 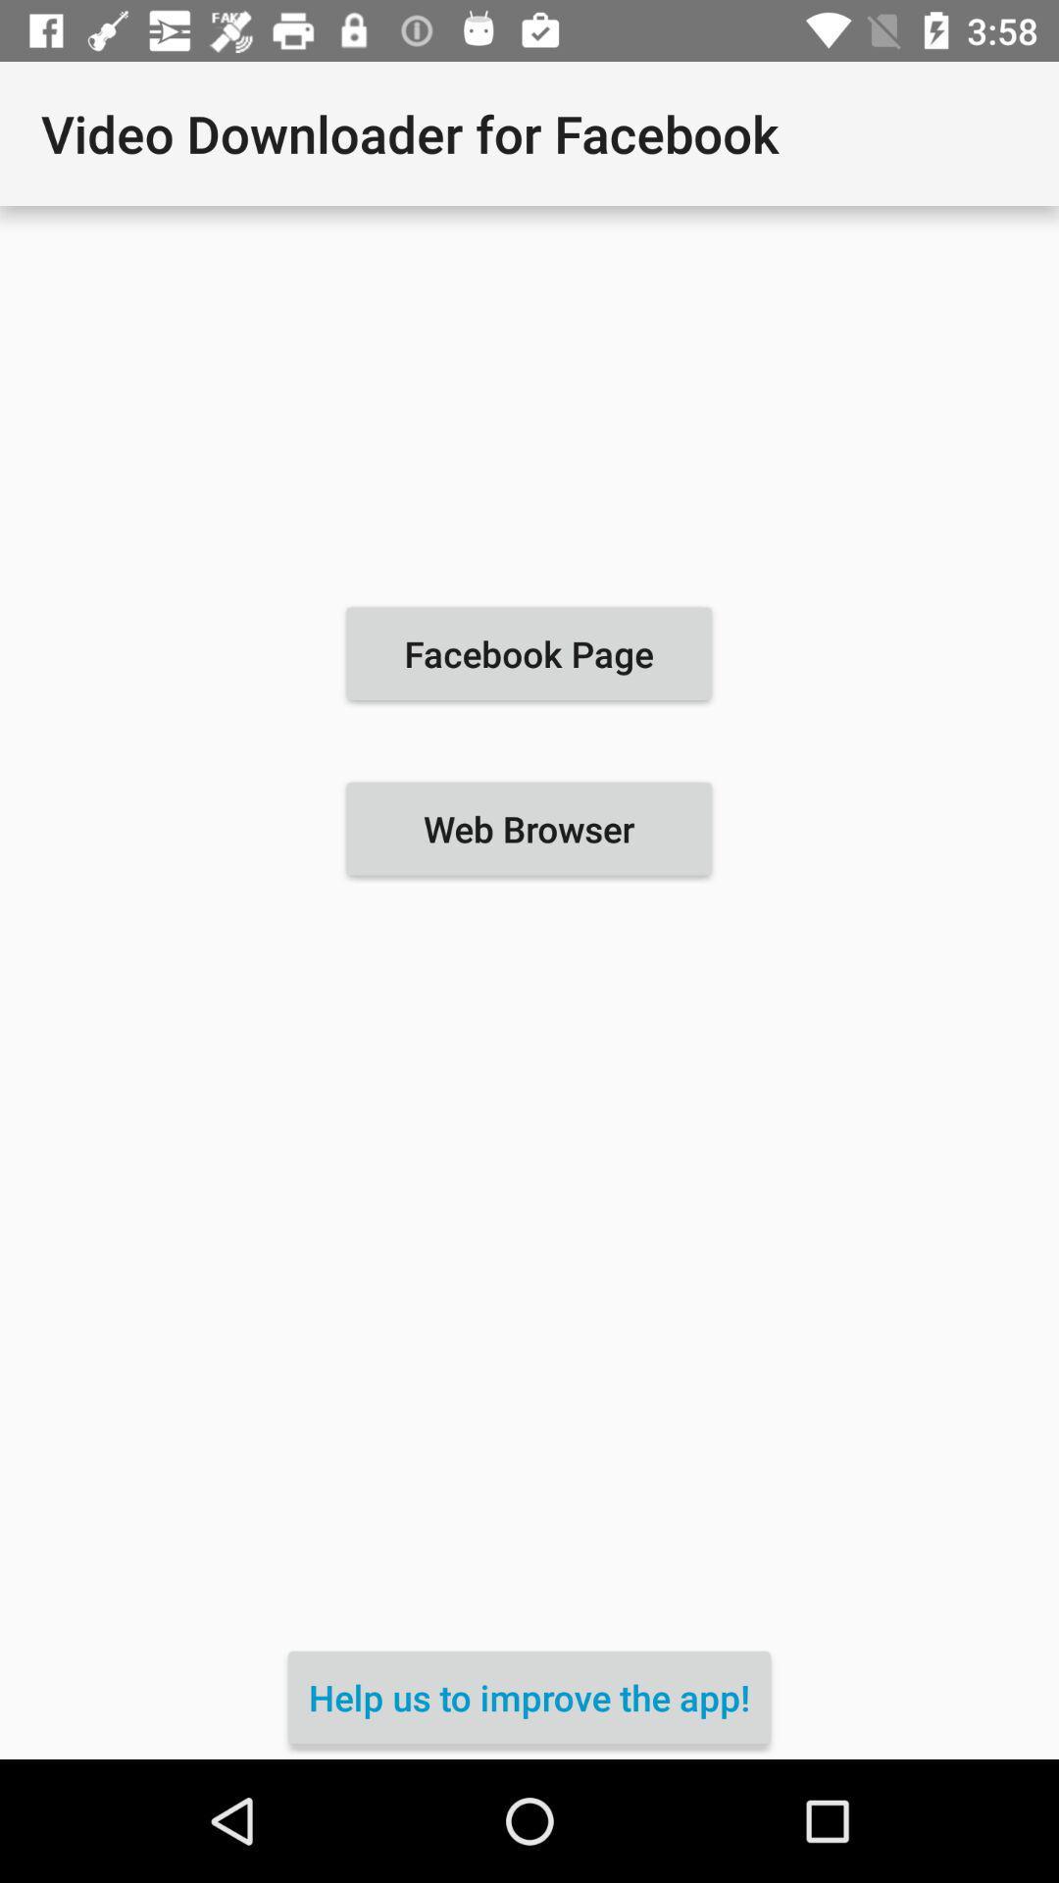 What do you see at coordinates (528, 829) in the screenshot?
I see `icon above help us to icon` at bounding box center [528, 829].